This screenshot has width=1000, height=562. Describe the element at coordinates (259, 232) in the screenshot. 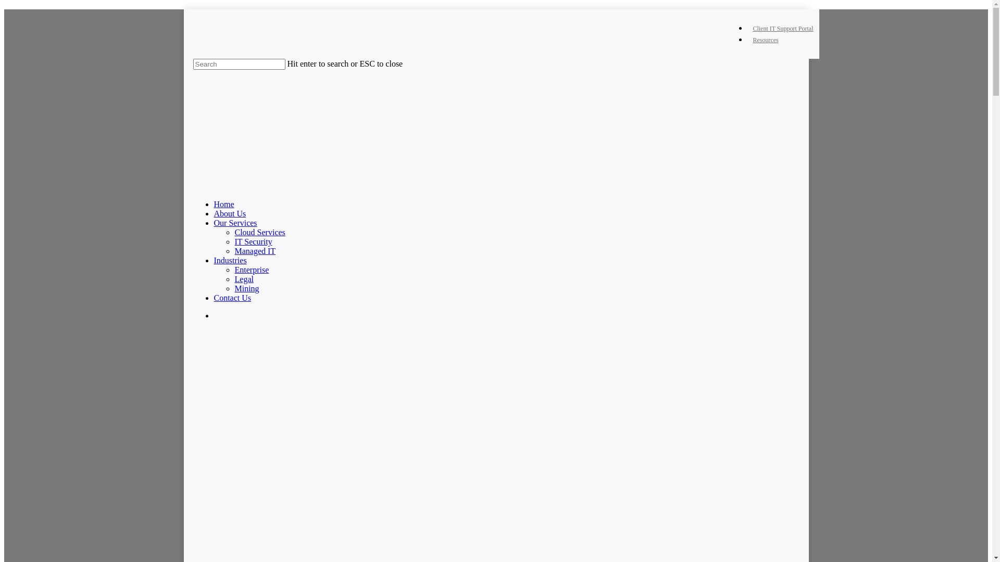

I see `'Cloud Services'` at that location.